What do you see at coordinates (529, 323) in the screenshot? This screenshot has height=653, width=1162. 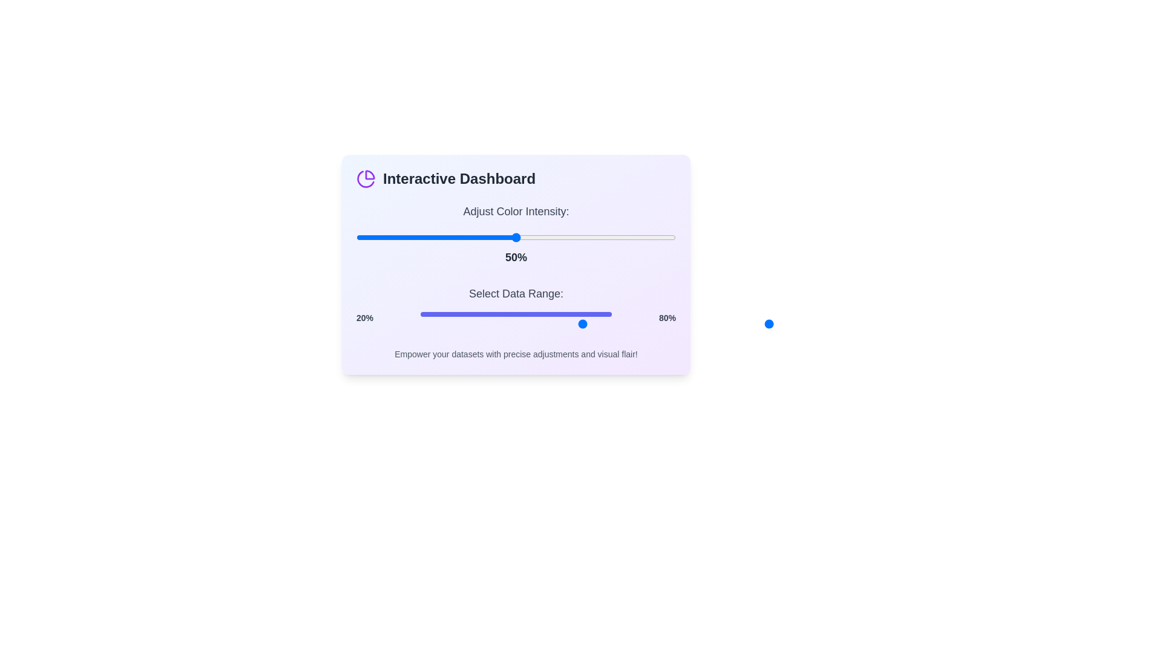 I see `the slider` at bounding box center [529, 323].